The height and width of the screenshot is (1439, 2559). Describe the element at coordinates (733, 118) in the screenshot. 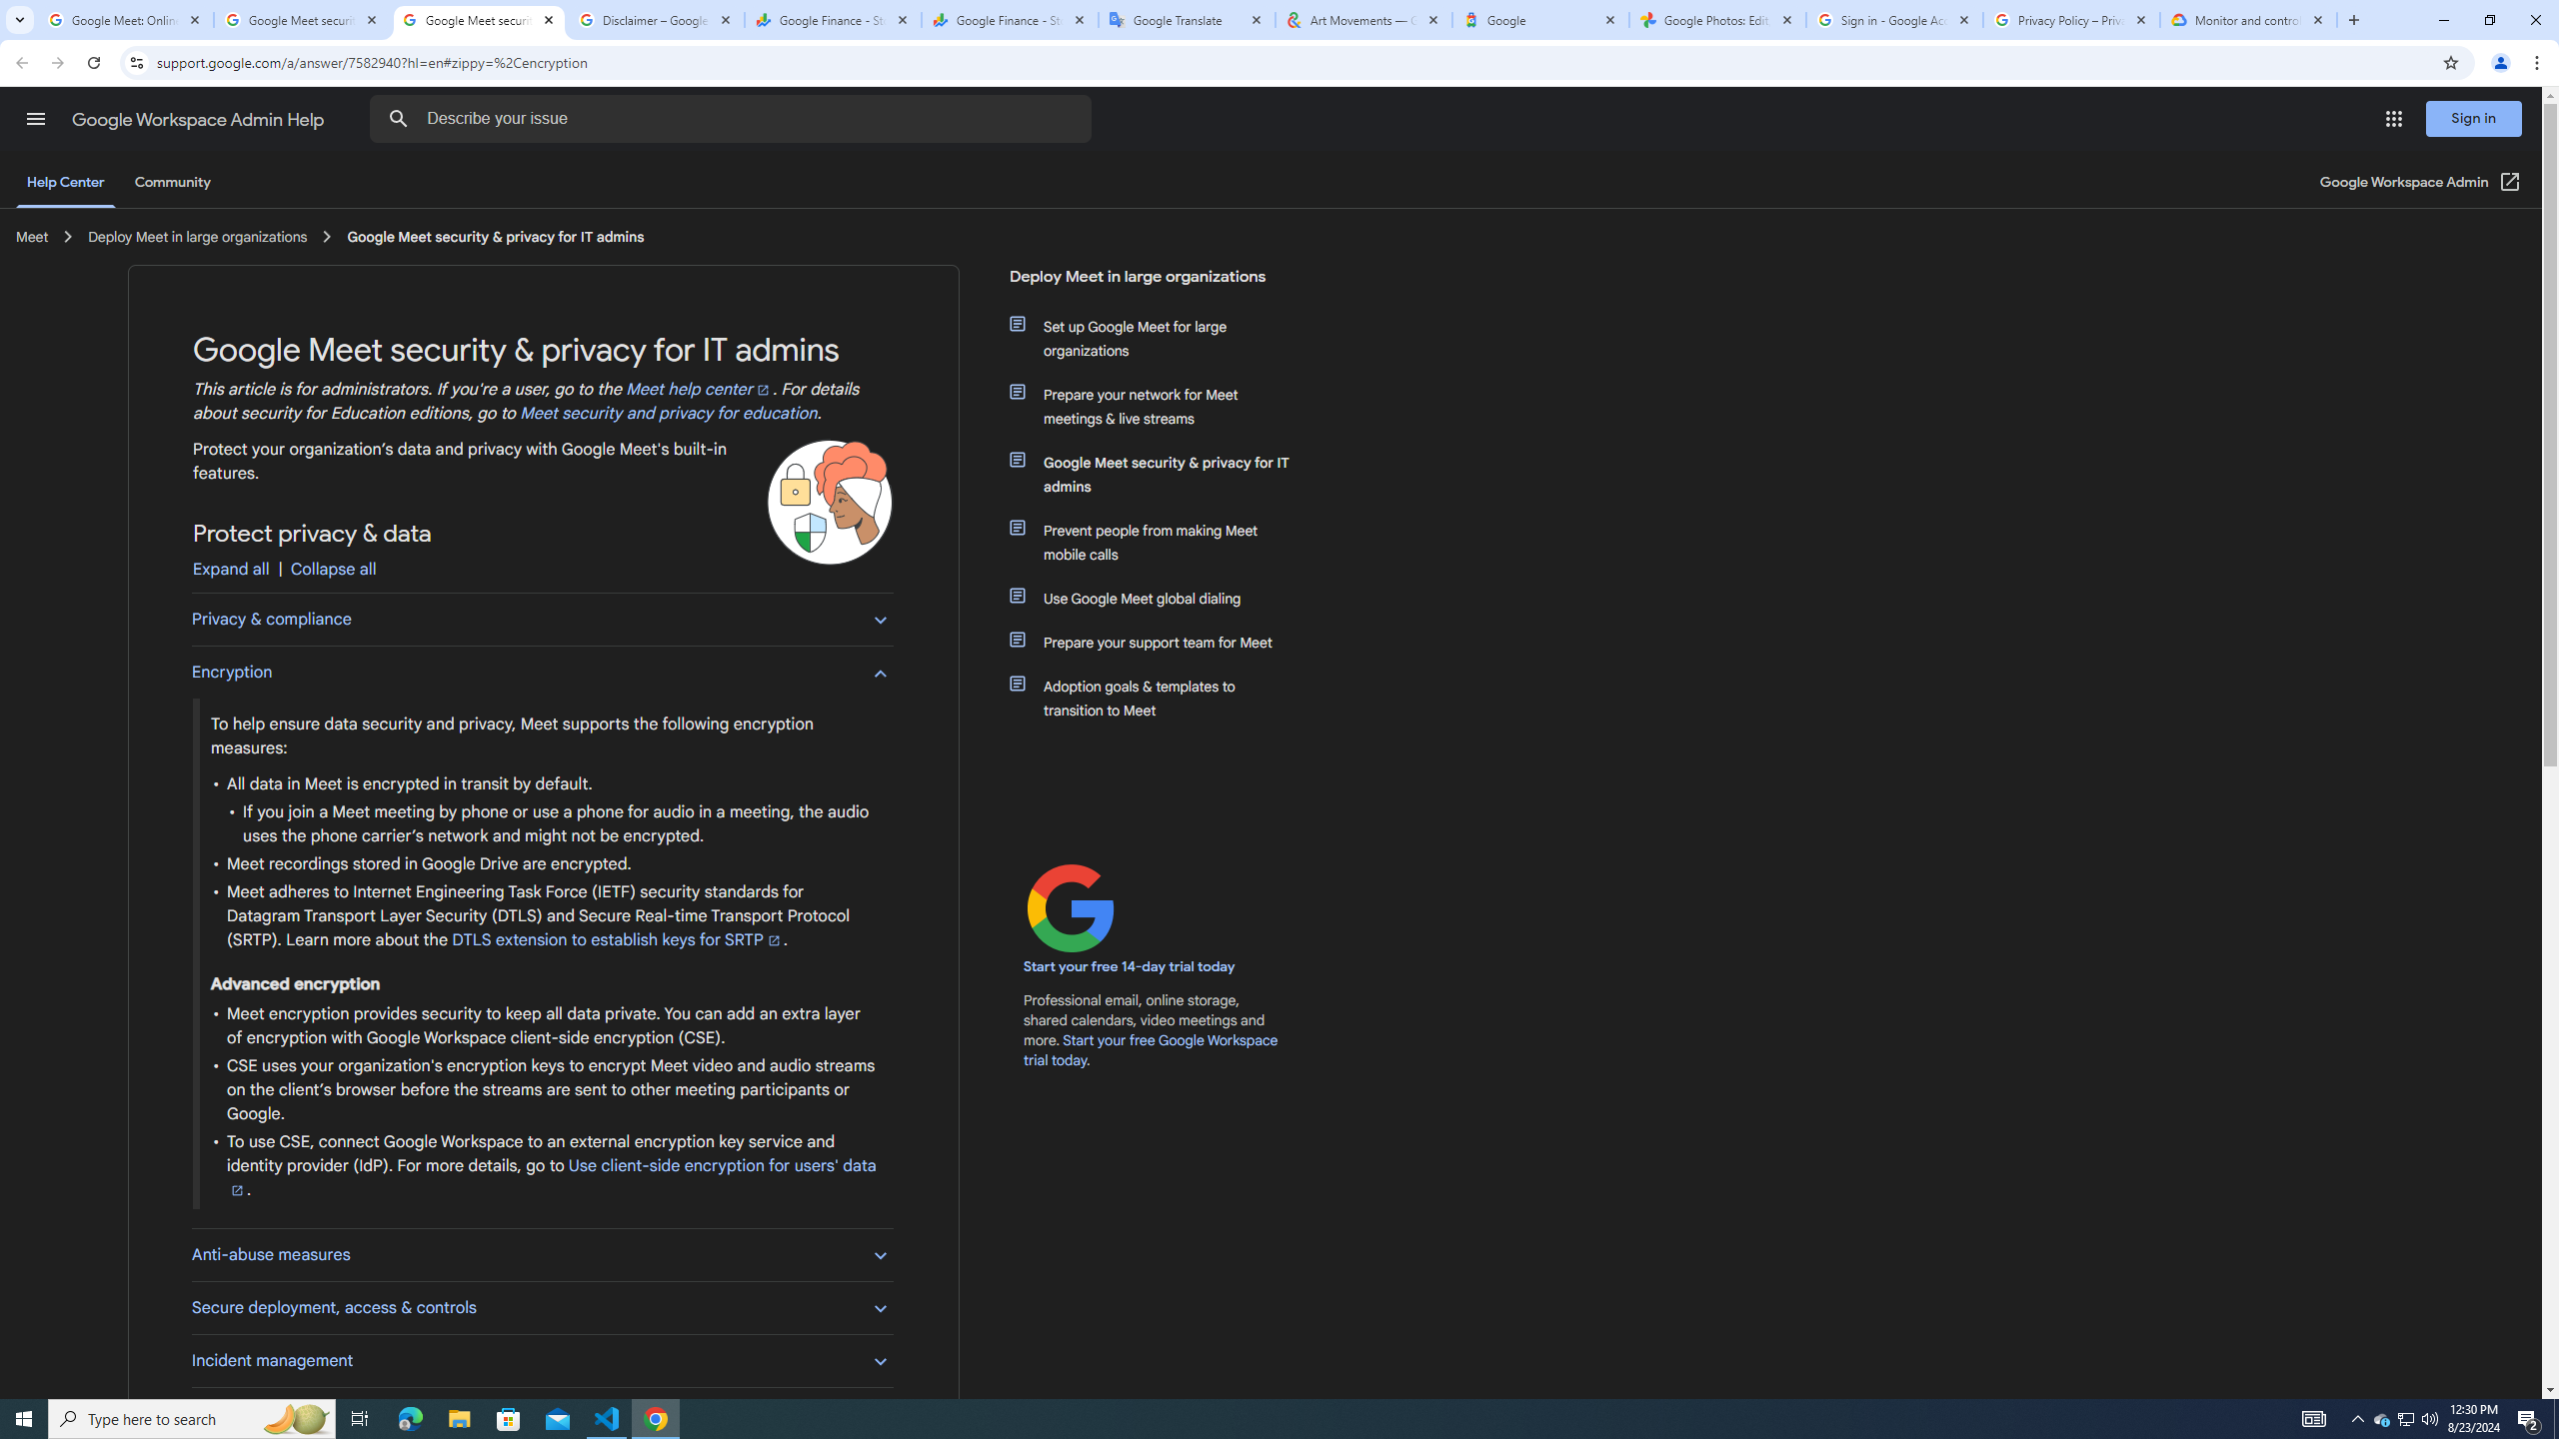

I see `'Describe your issue'` at that location.